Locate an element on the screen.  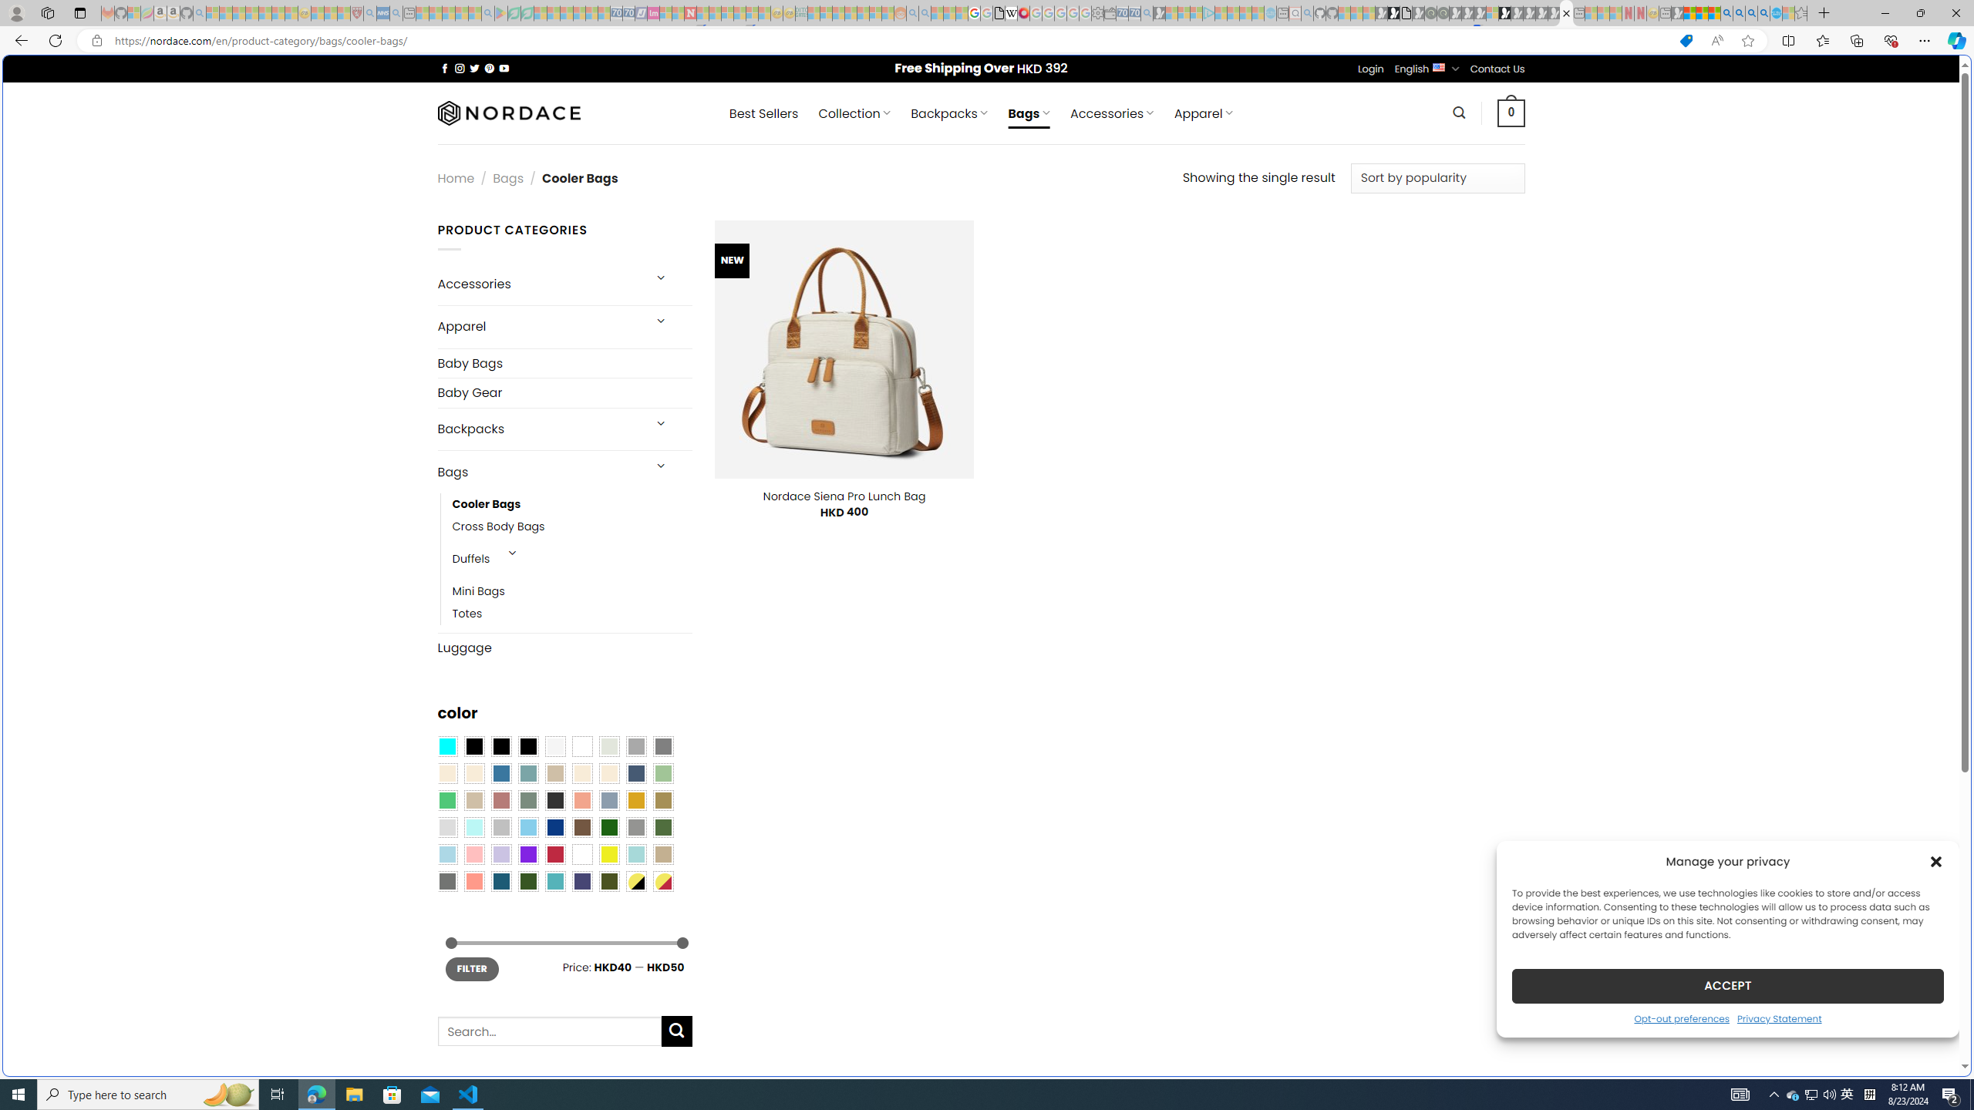
'Cross Body Bags' is located at coordinates (497, 526).